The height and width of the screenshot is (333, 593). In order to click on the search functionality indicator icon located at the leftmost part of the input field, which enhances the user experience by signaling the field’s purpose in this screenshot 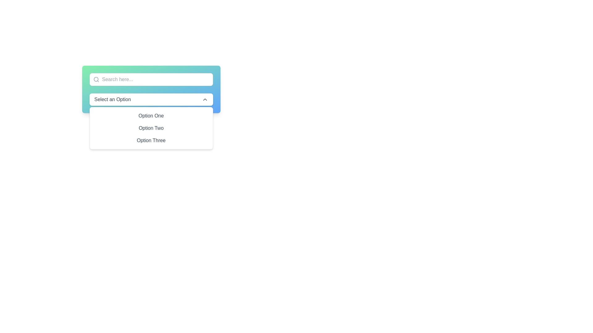, I will do `click(94, 79)`.